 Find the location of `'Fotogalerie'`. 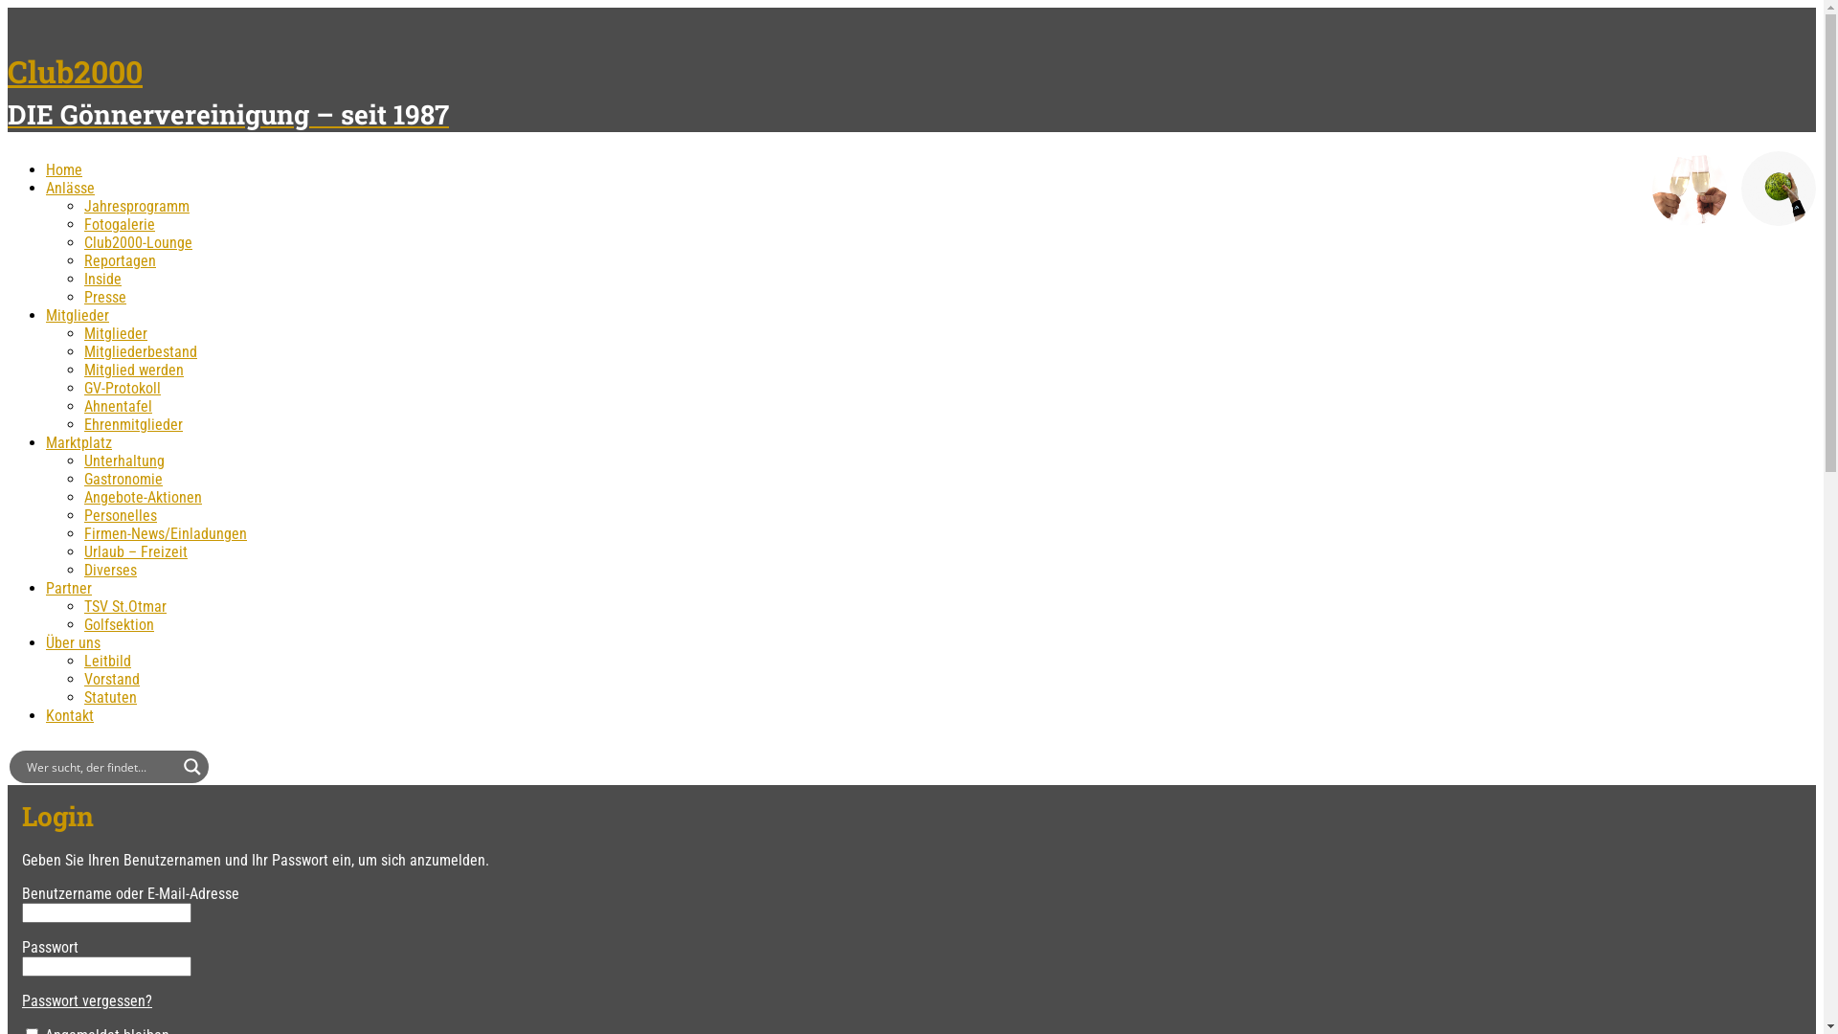

'Fotogalerie' is located at coordinates (118, 223).